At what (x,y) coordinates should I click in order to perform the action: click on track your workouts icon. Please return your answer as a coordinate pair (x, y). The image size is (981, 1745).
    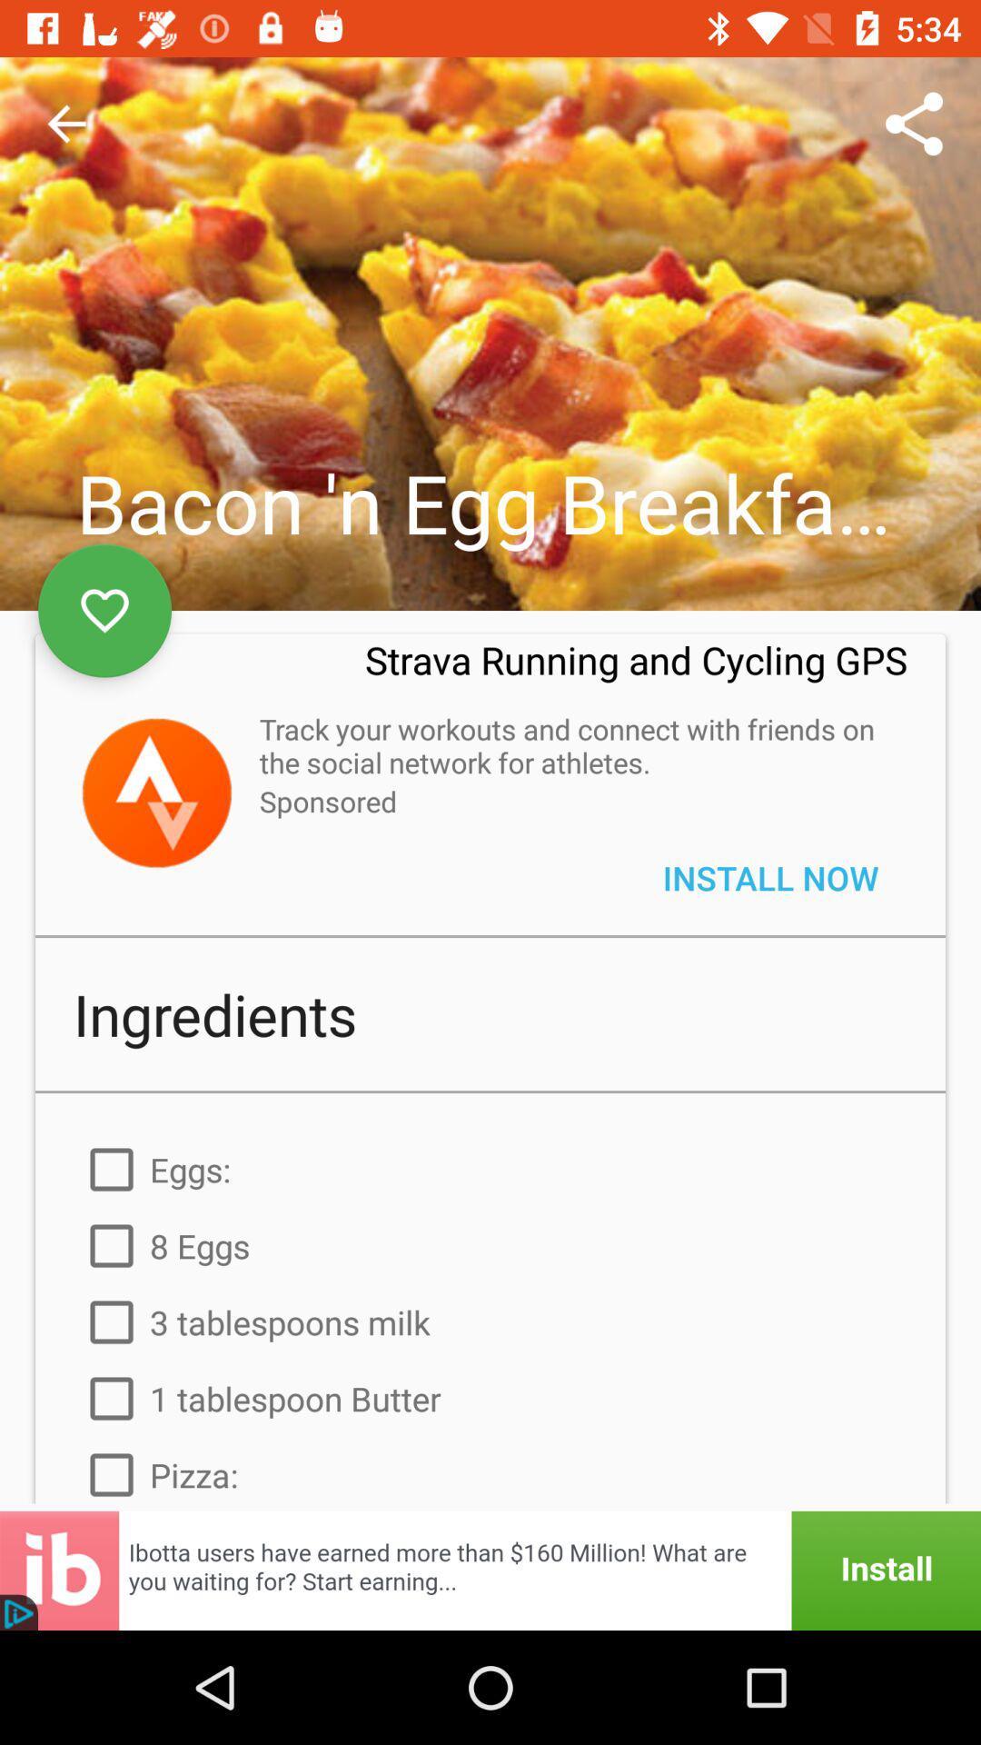
    Looking at the image, I should click on (573, 745).